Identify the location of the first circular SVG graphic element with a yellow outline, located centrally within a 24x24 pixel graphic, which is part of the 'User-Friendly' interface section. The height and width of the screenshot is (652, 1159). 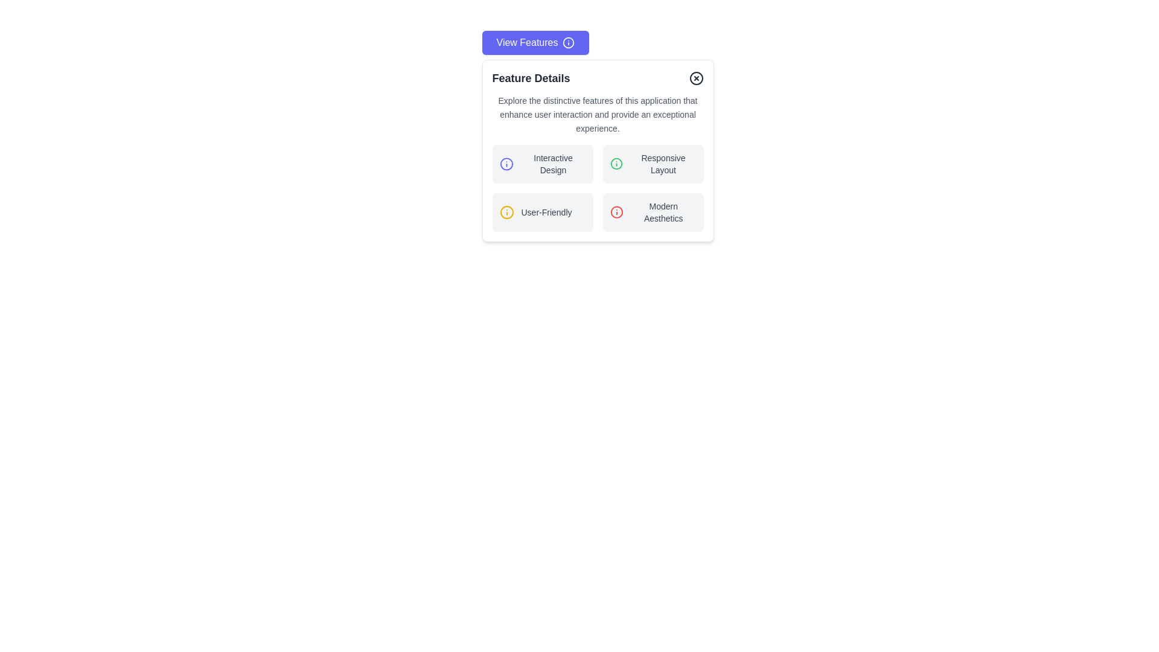
(506, 212).